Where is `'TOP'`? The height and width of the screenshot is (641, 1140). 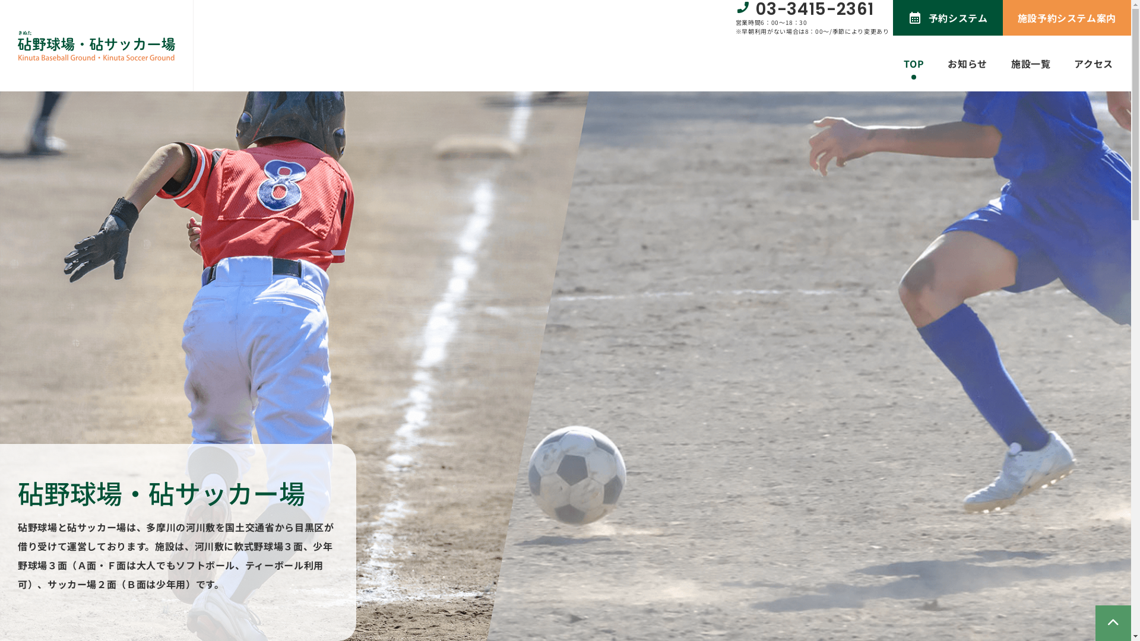 'TOP' is located at coordinates (913, 64).